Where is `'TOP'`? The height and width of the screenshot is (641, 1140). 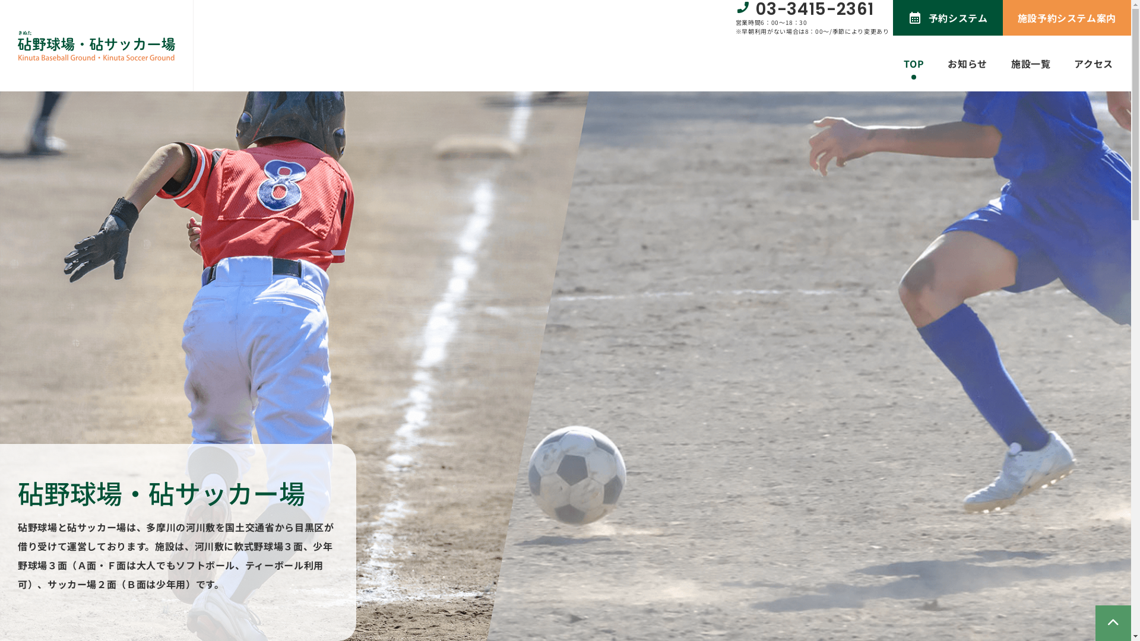 'TOP' is located at coordinates (913, 64).